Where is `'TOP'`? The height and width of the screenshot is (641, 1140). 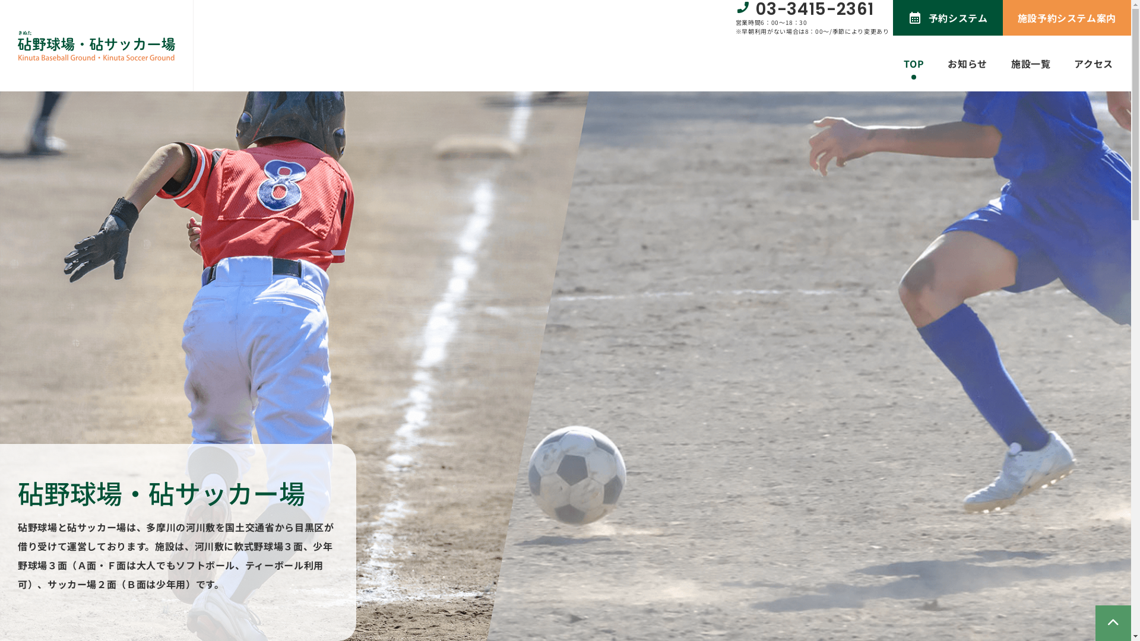 'TOP' is located at coordinates (913, 64).